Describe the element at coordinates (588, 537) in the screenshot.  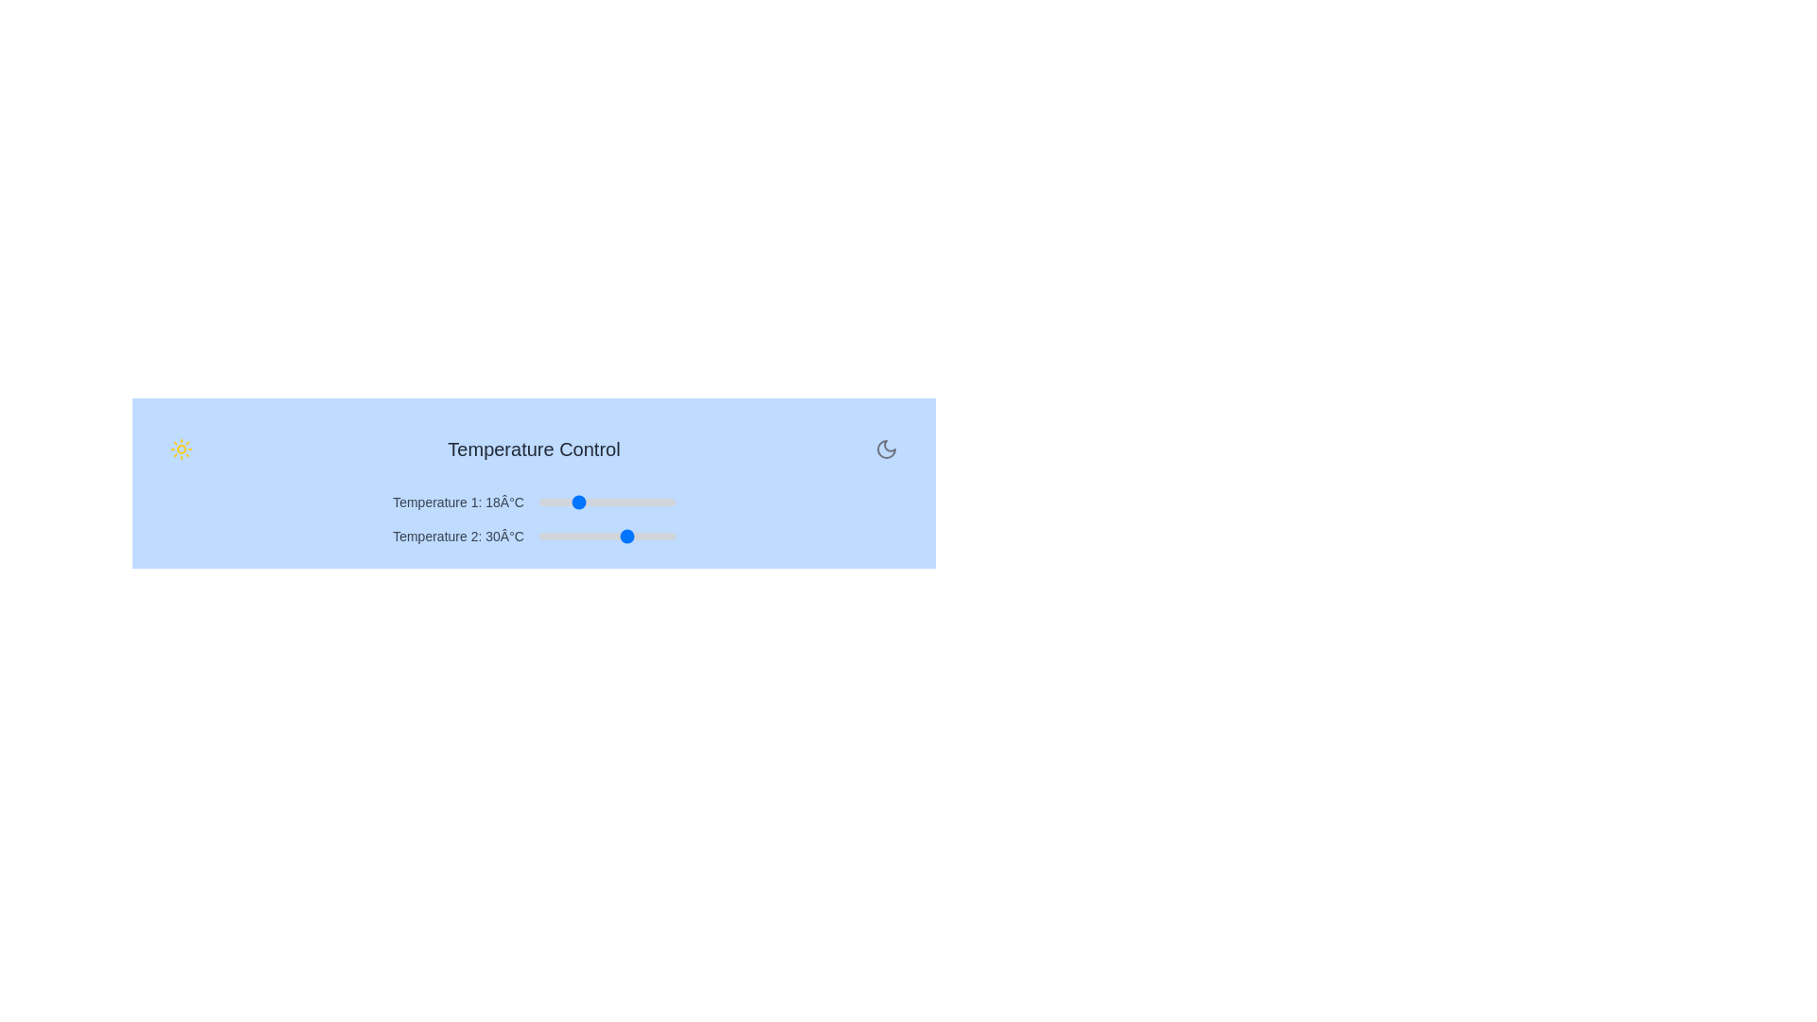
I see `the temperature slider` at that location.